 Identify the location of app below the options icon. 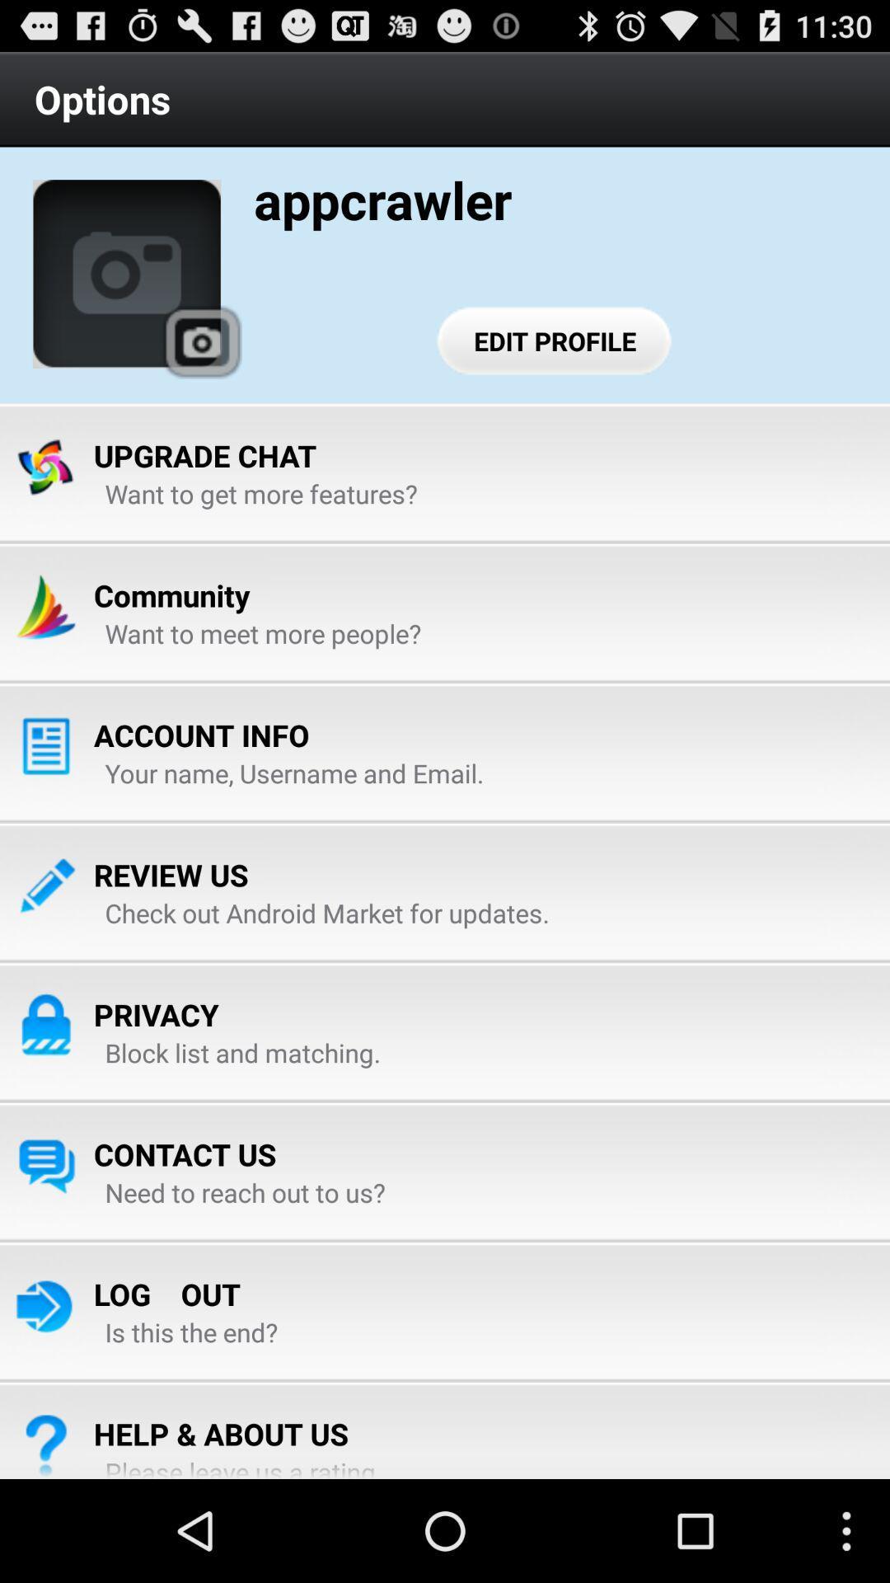
(201, 341).